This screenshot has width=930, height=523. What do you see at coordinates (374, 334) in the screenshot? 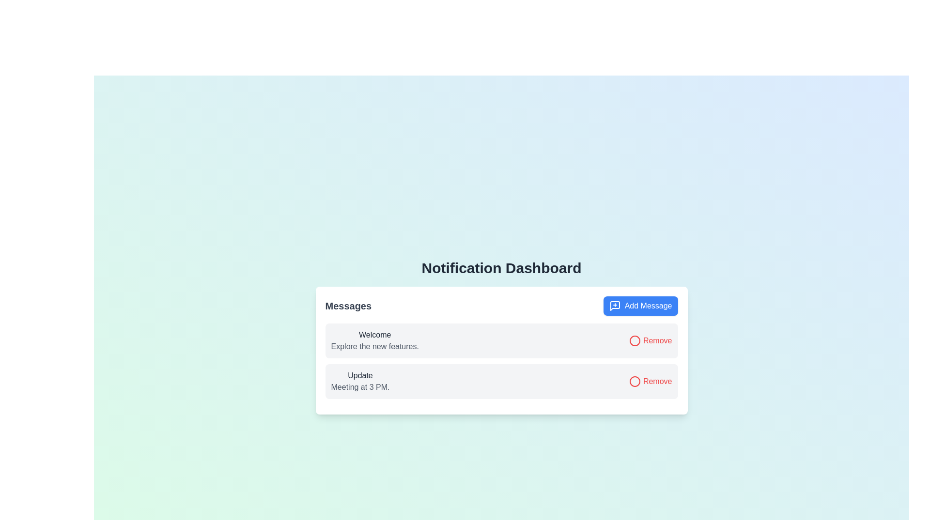
I see `the 'Welcome' static text label in the Messages section, which is displayed in gray color (#gray-800) and is positioned above the subtitle 'Explore the new features.'` at bounding box center [374, 334].